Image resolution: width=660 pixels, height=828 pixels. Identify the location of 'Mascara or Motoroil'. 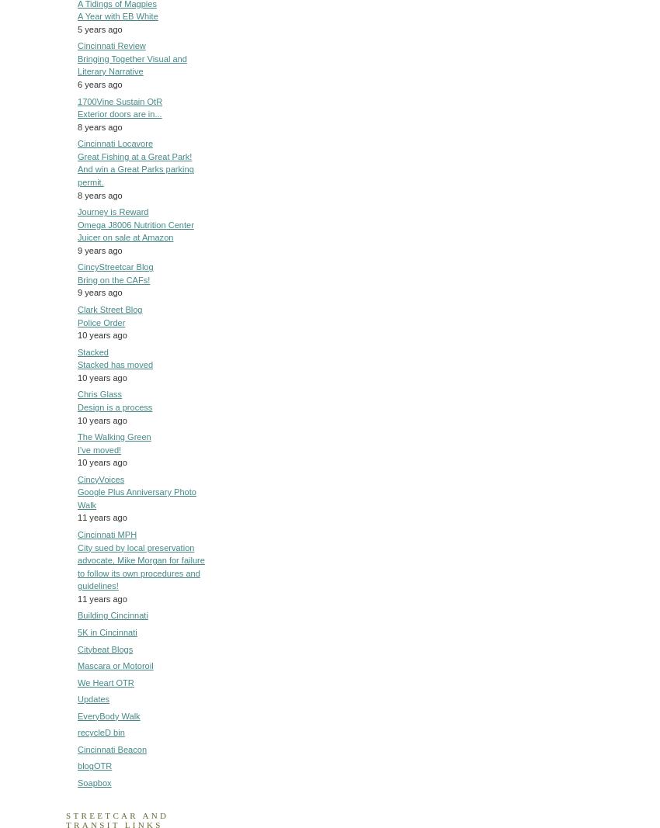
(115, 664).